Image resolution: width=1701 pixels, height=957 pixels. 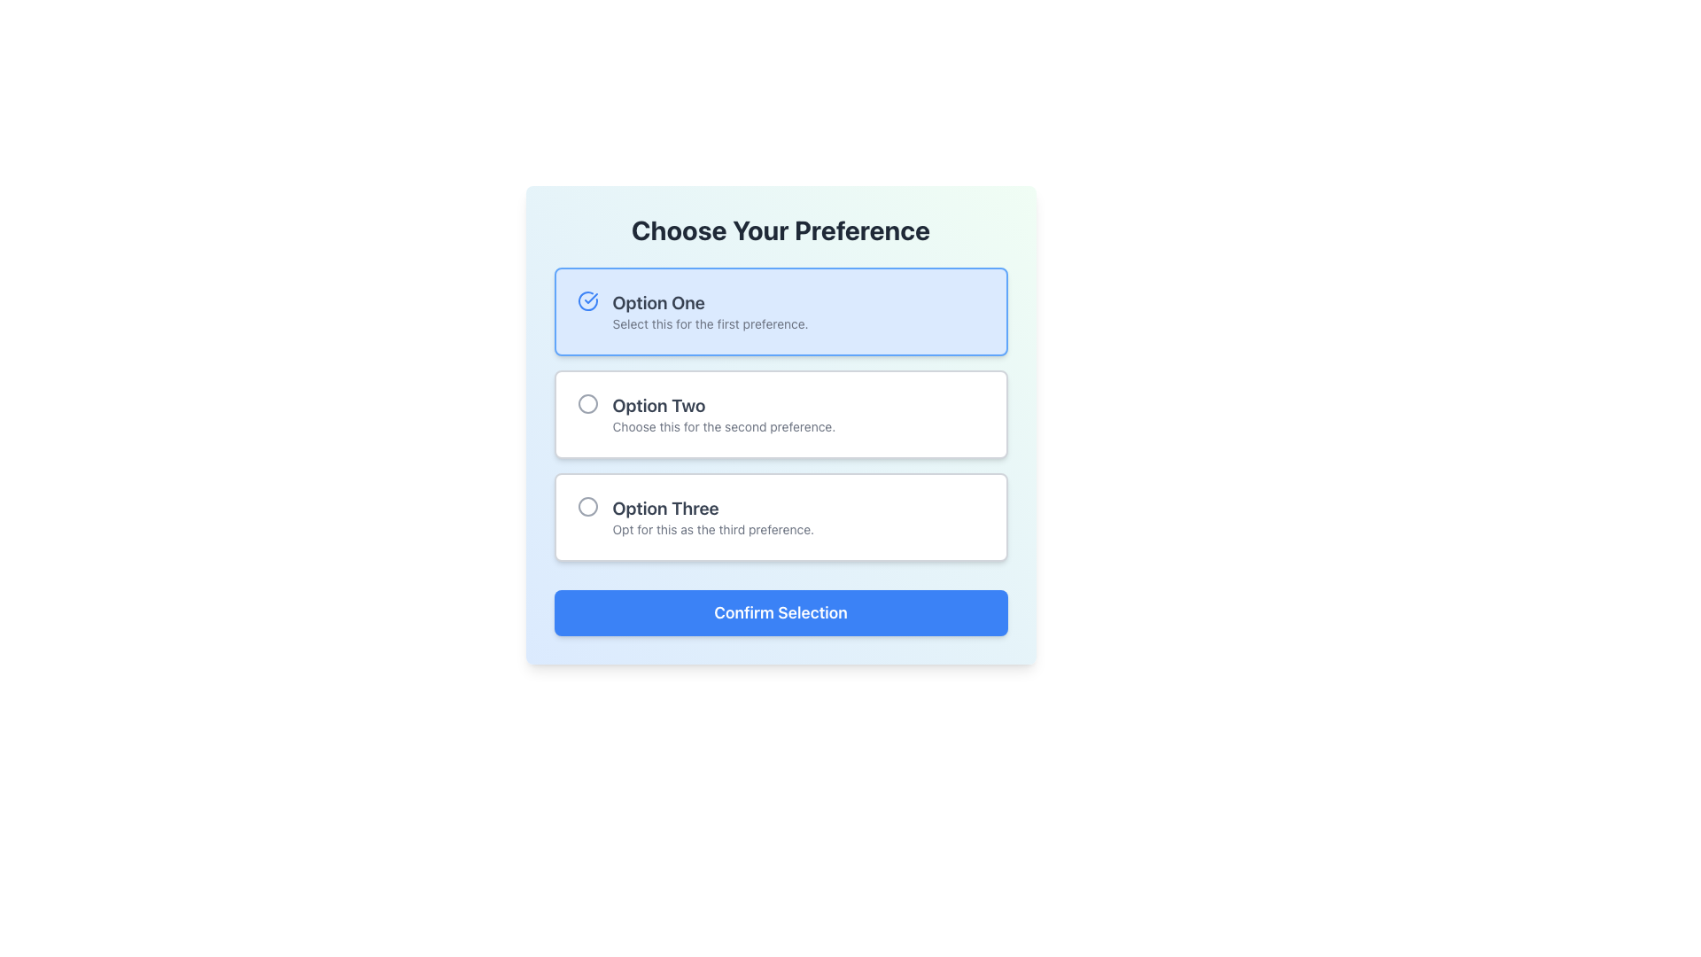 What do you see at coordinates (587, 300) in the screenshot?
I see `the visual selection indicator icon located to the left of 'Option One'` at bounding box center [587, 300].